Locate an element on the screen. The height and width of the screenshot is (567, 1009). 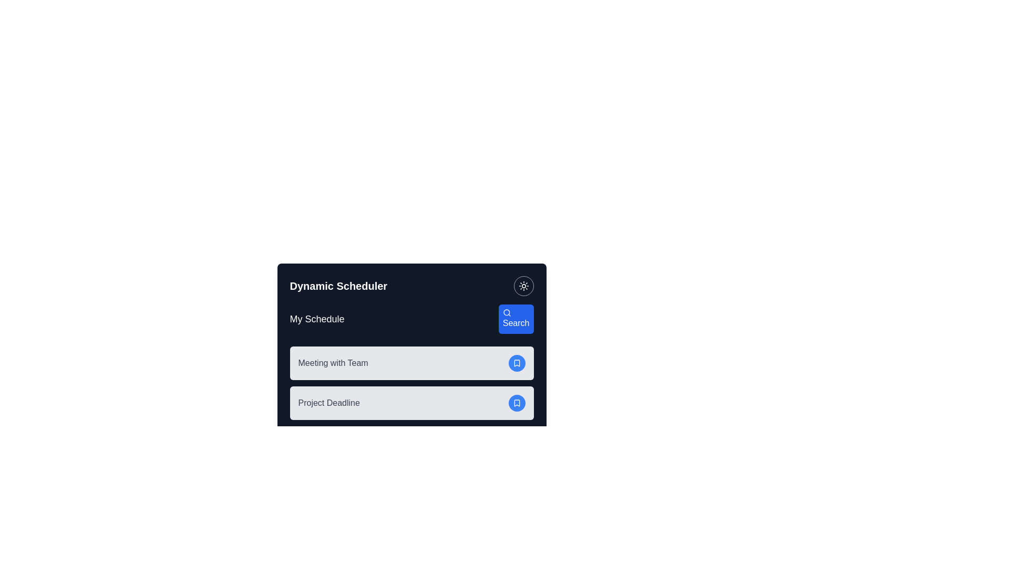
the circular button with a blue background and white bookmark icon located at the right end of the 'Project Deadline' section is located at coordinates (517, 402).